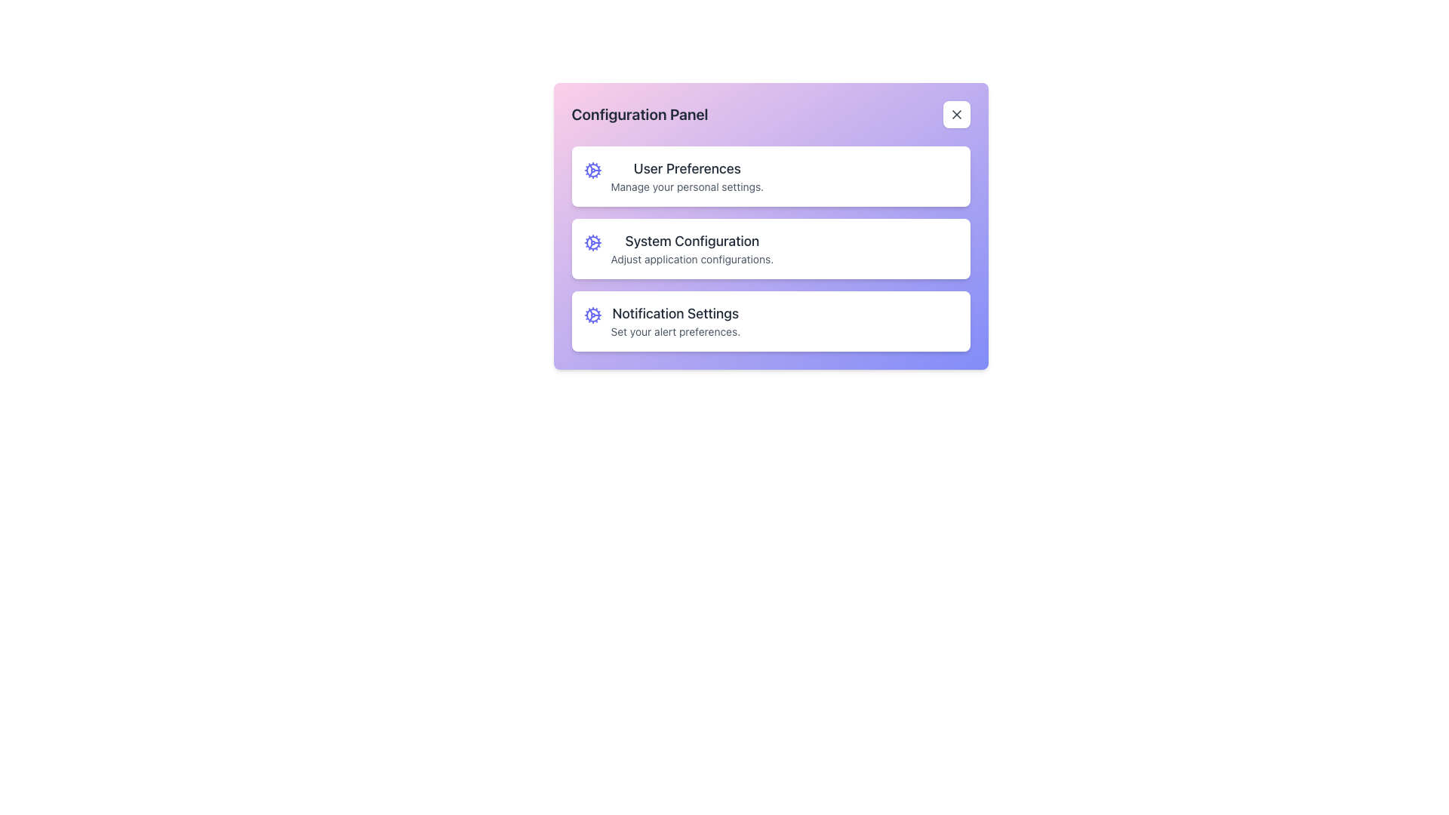 The width and height of the screenshot is (1449, 815). Describe the element at coordinates (675, 331) in the screenshot. I see `the text element displaying 'Set your alert preferences.' located below the 'Notification Settings' heading, which is styled in a small gray font` at that location.